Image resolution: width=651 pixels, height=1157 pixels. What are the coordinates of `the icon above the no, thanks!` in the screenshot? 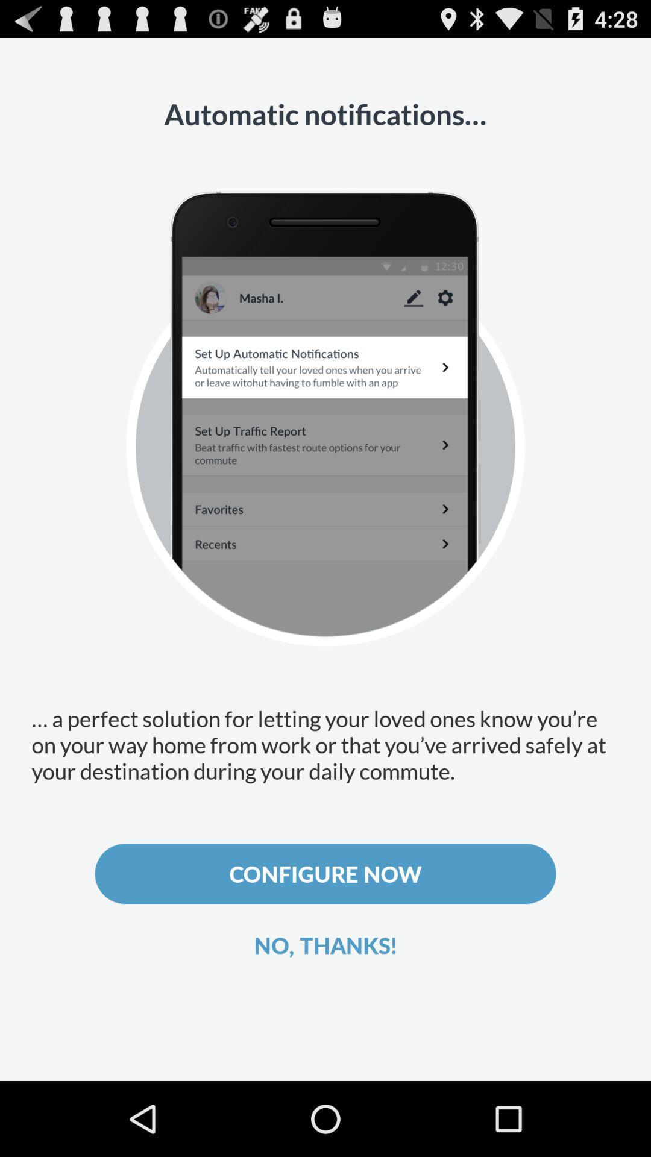 It's located at (325, 874).